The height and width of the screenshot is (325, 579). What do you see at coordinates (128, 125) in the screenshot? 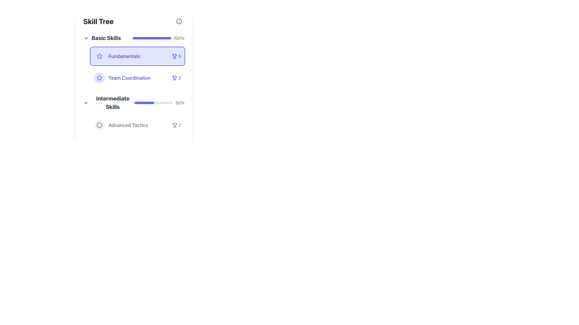
I see `the Text Label that provides the name of a skill or category within the skill tree interface` at bounding box center [128, 125].